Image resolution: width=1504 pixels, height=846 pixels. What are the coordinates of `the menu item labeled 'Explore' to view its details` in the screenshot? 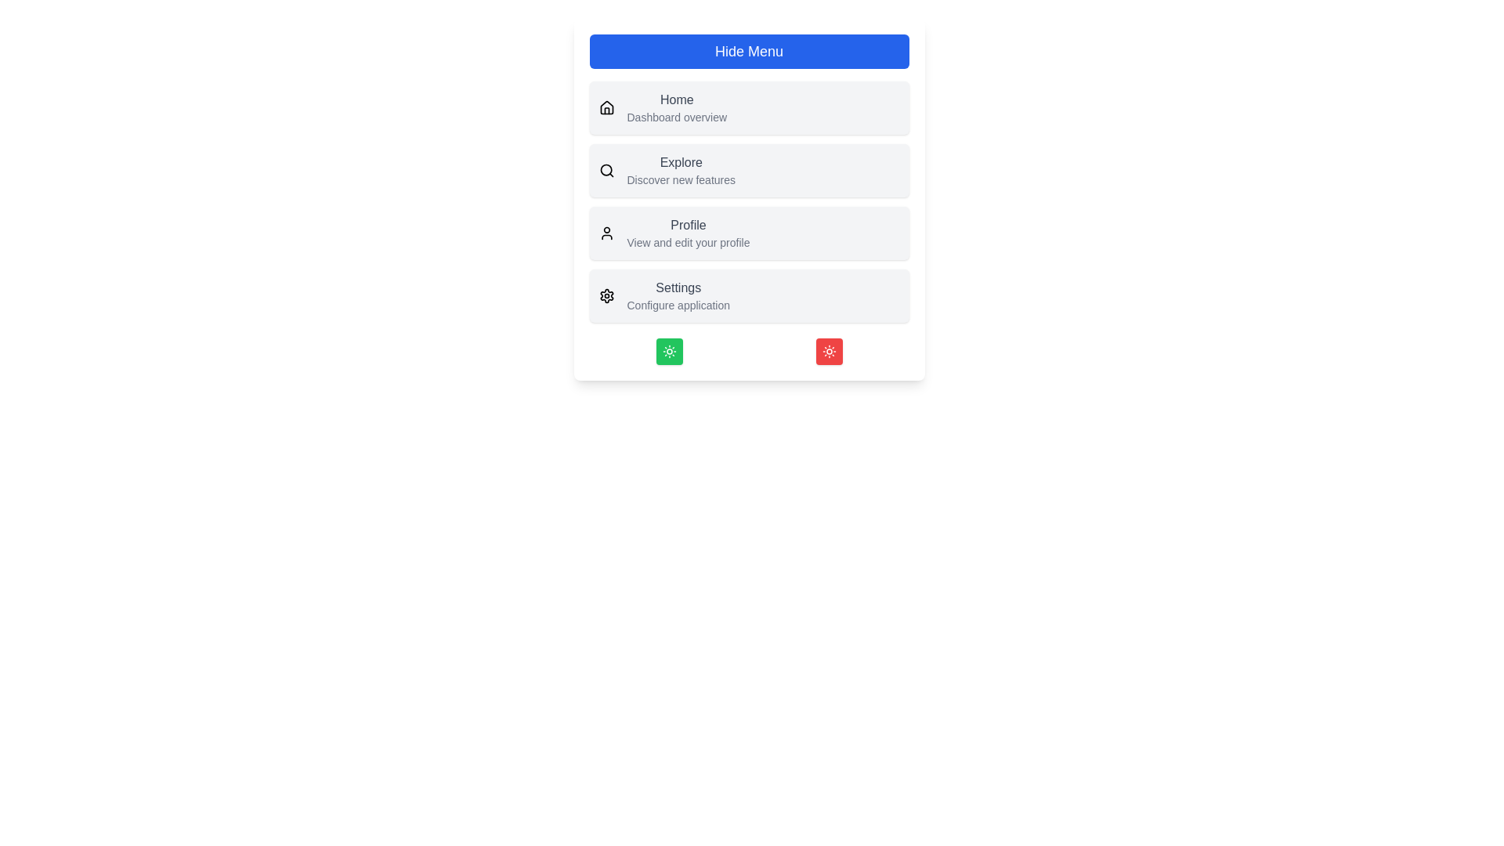 It's located at (681, 163).